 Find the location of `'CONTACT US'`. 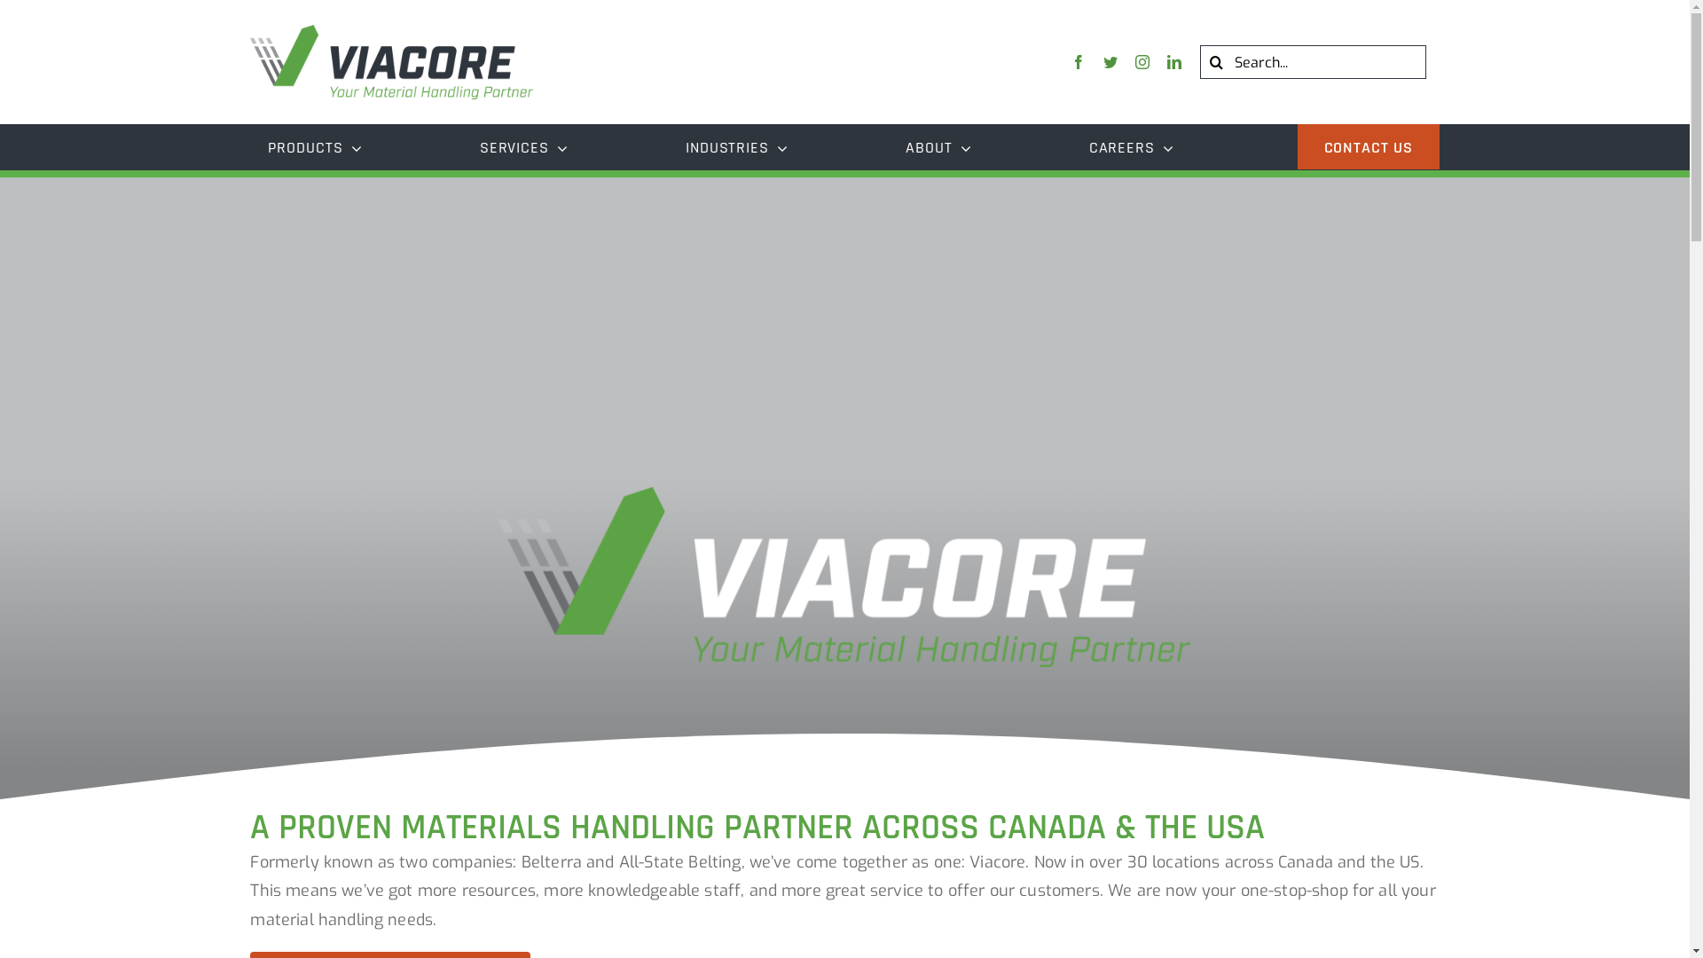

'CONTACT US' is located at coordinates (1298, 145).